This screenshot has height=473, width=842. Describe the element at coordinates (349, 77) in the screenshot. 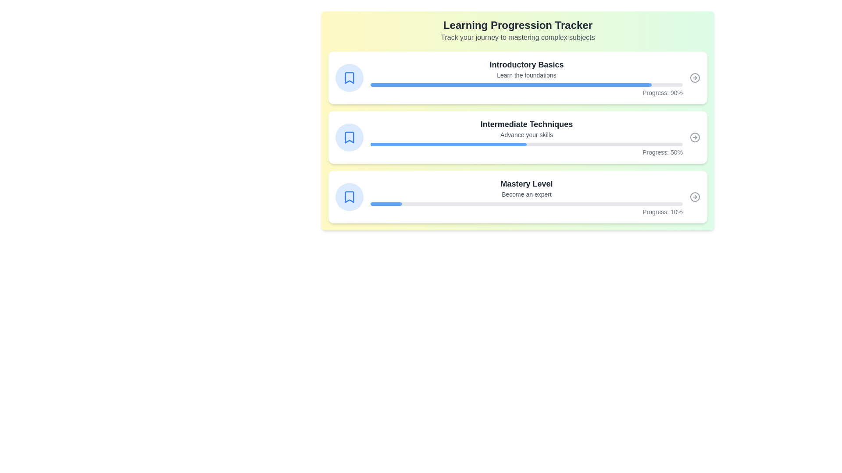

I see `the circular blue IconButton with a bookmark icon located to the far left of the 'Introductory Basics' progress bar` at that location.